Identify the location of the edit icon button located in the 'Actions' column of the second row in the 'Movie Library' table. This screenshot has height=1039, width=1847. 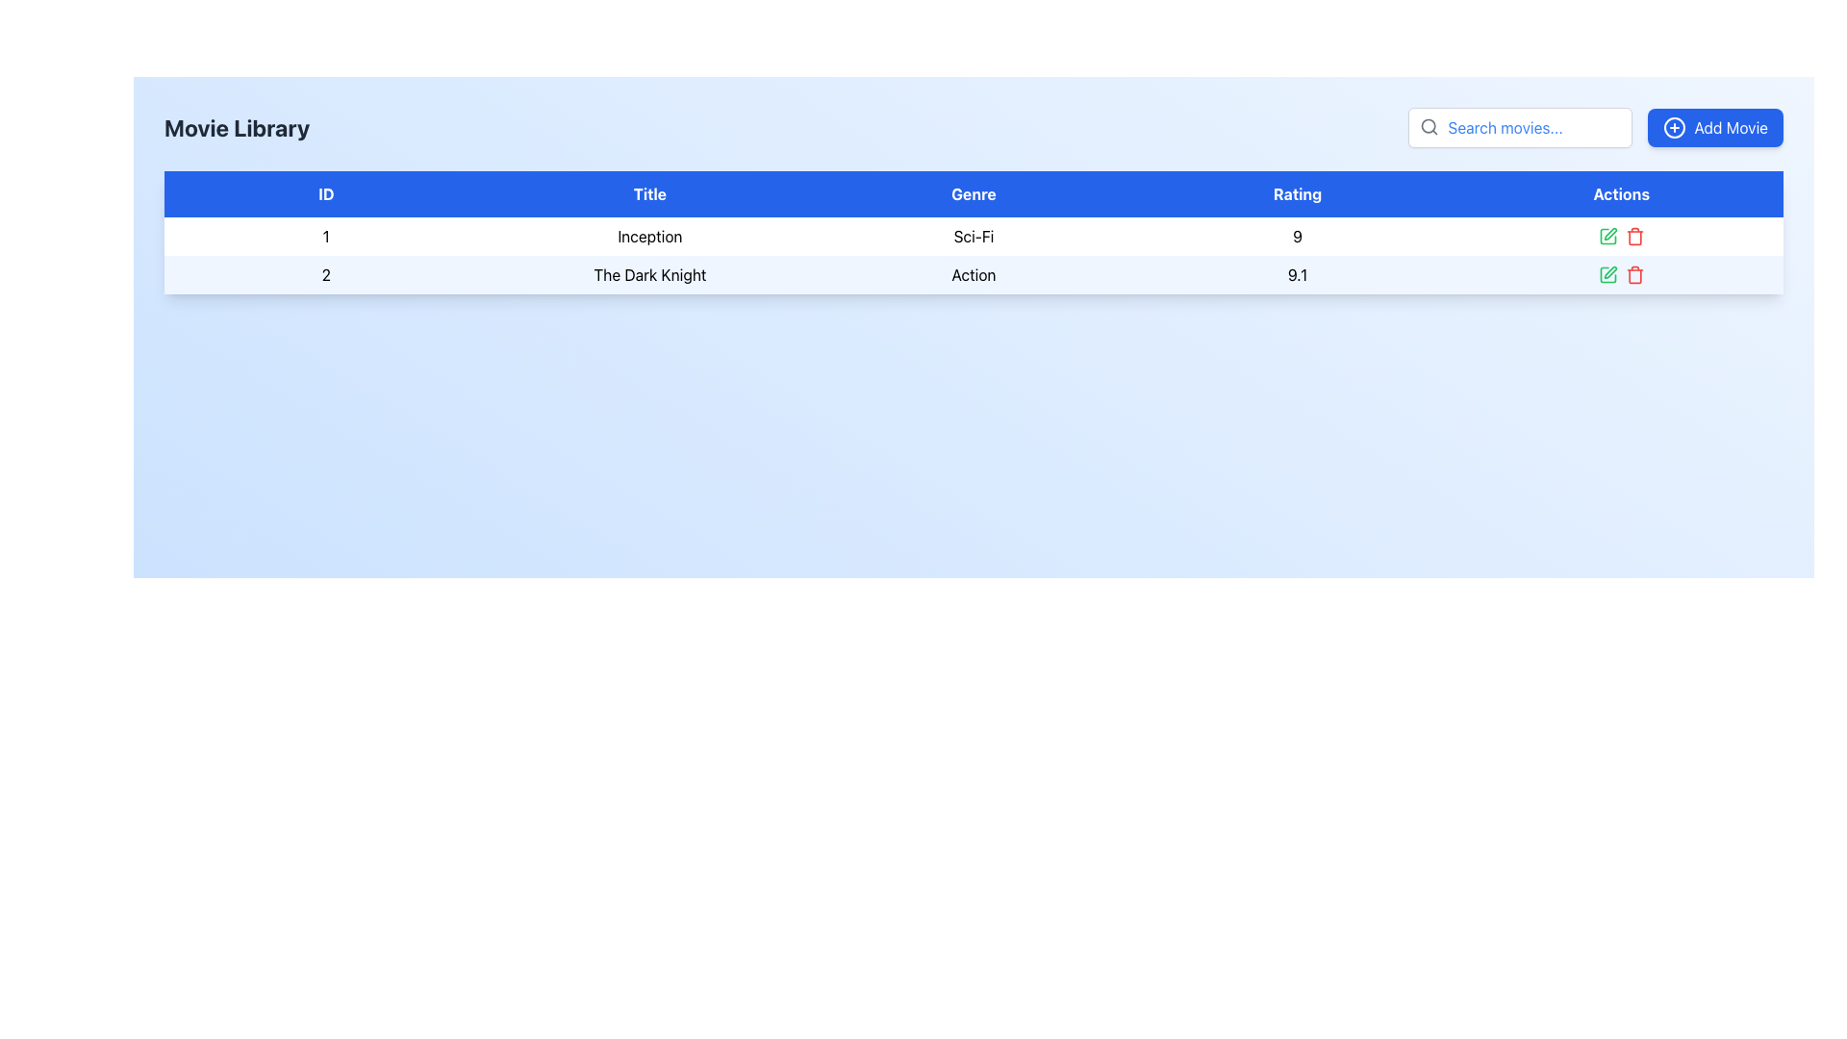
(1610, 272).